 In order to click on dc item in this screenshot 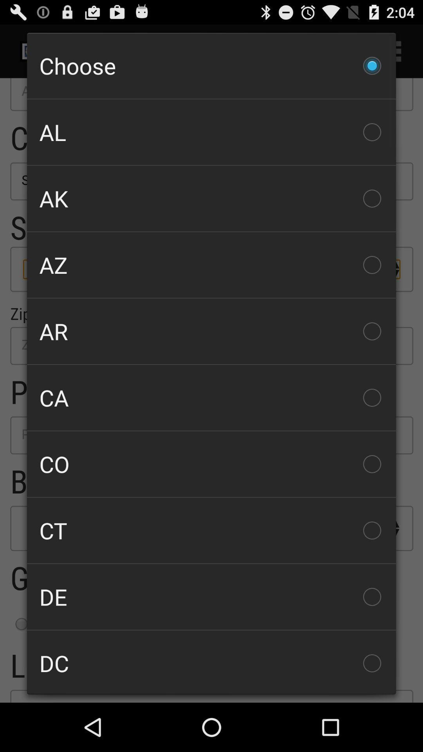, I will do `click(211, 662)`.